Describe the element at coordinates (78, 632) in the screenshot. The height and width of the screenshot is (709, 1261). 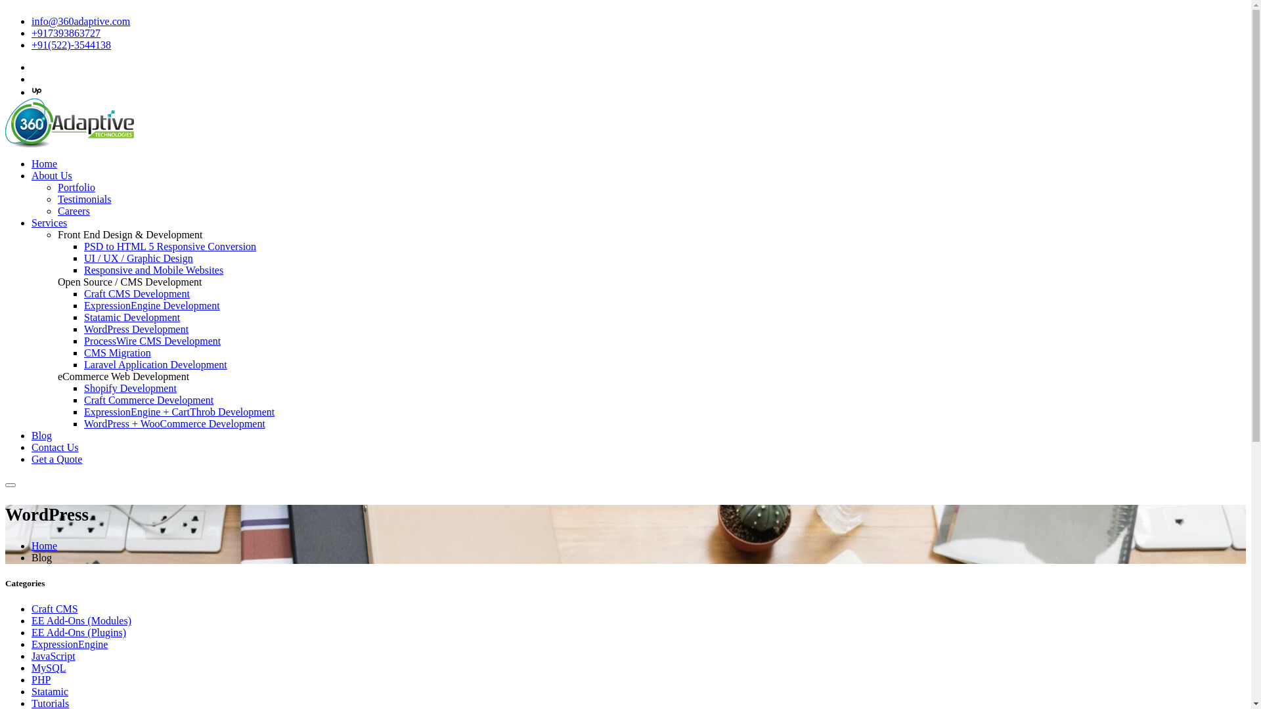
I see `'EE Add-Ons (Plugins)'` at that location.